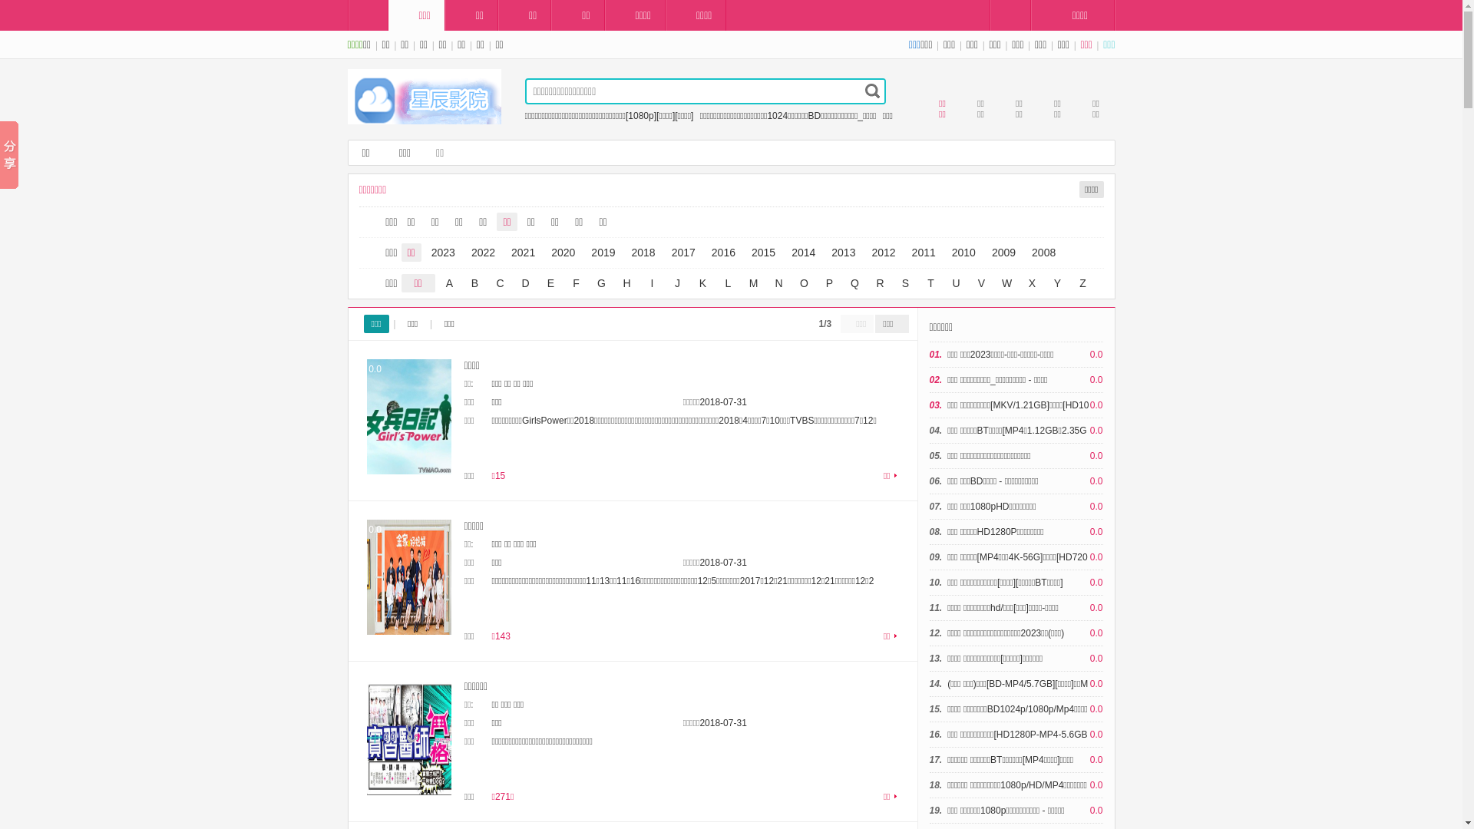  What do you see at coordinates (442, 251) in the screenshot?
I see `'2023'` at bounding box center [442, 251].